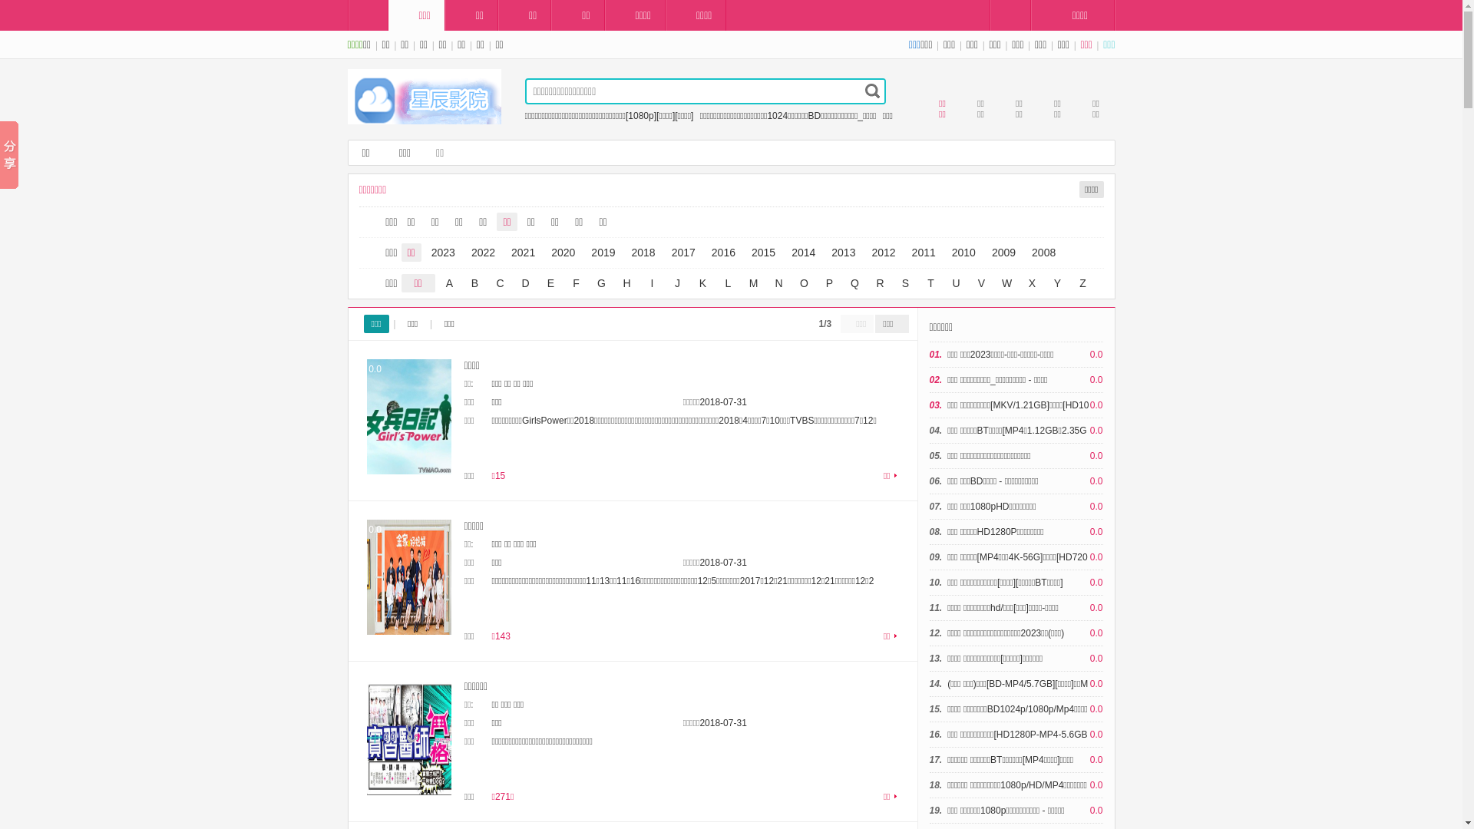  What do you see at coordinates (442, 251) in the screenshot?
I see `'2023'` at bounding box center [442, 251].